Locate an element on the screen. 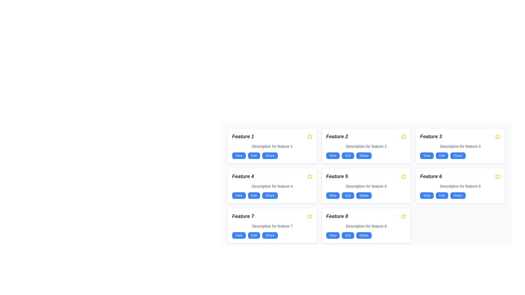 Image resolution: width=525 pixels, height=295 pixels. the Text Label that serves as the title for the 'Feature 5' card, located in the second column of the second row of feature cards is located at coordinates (337, 176).